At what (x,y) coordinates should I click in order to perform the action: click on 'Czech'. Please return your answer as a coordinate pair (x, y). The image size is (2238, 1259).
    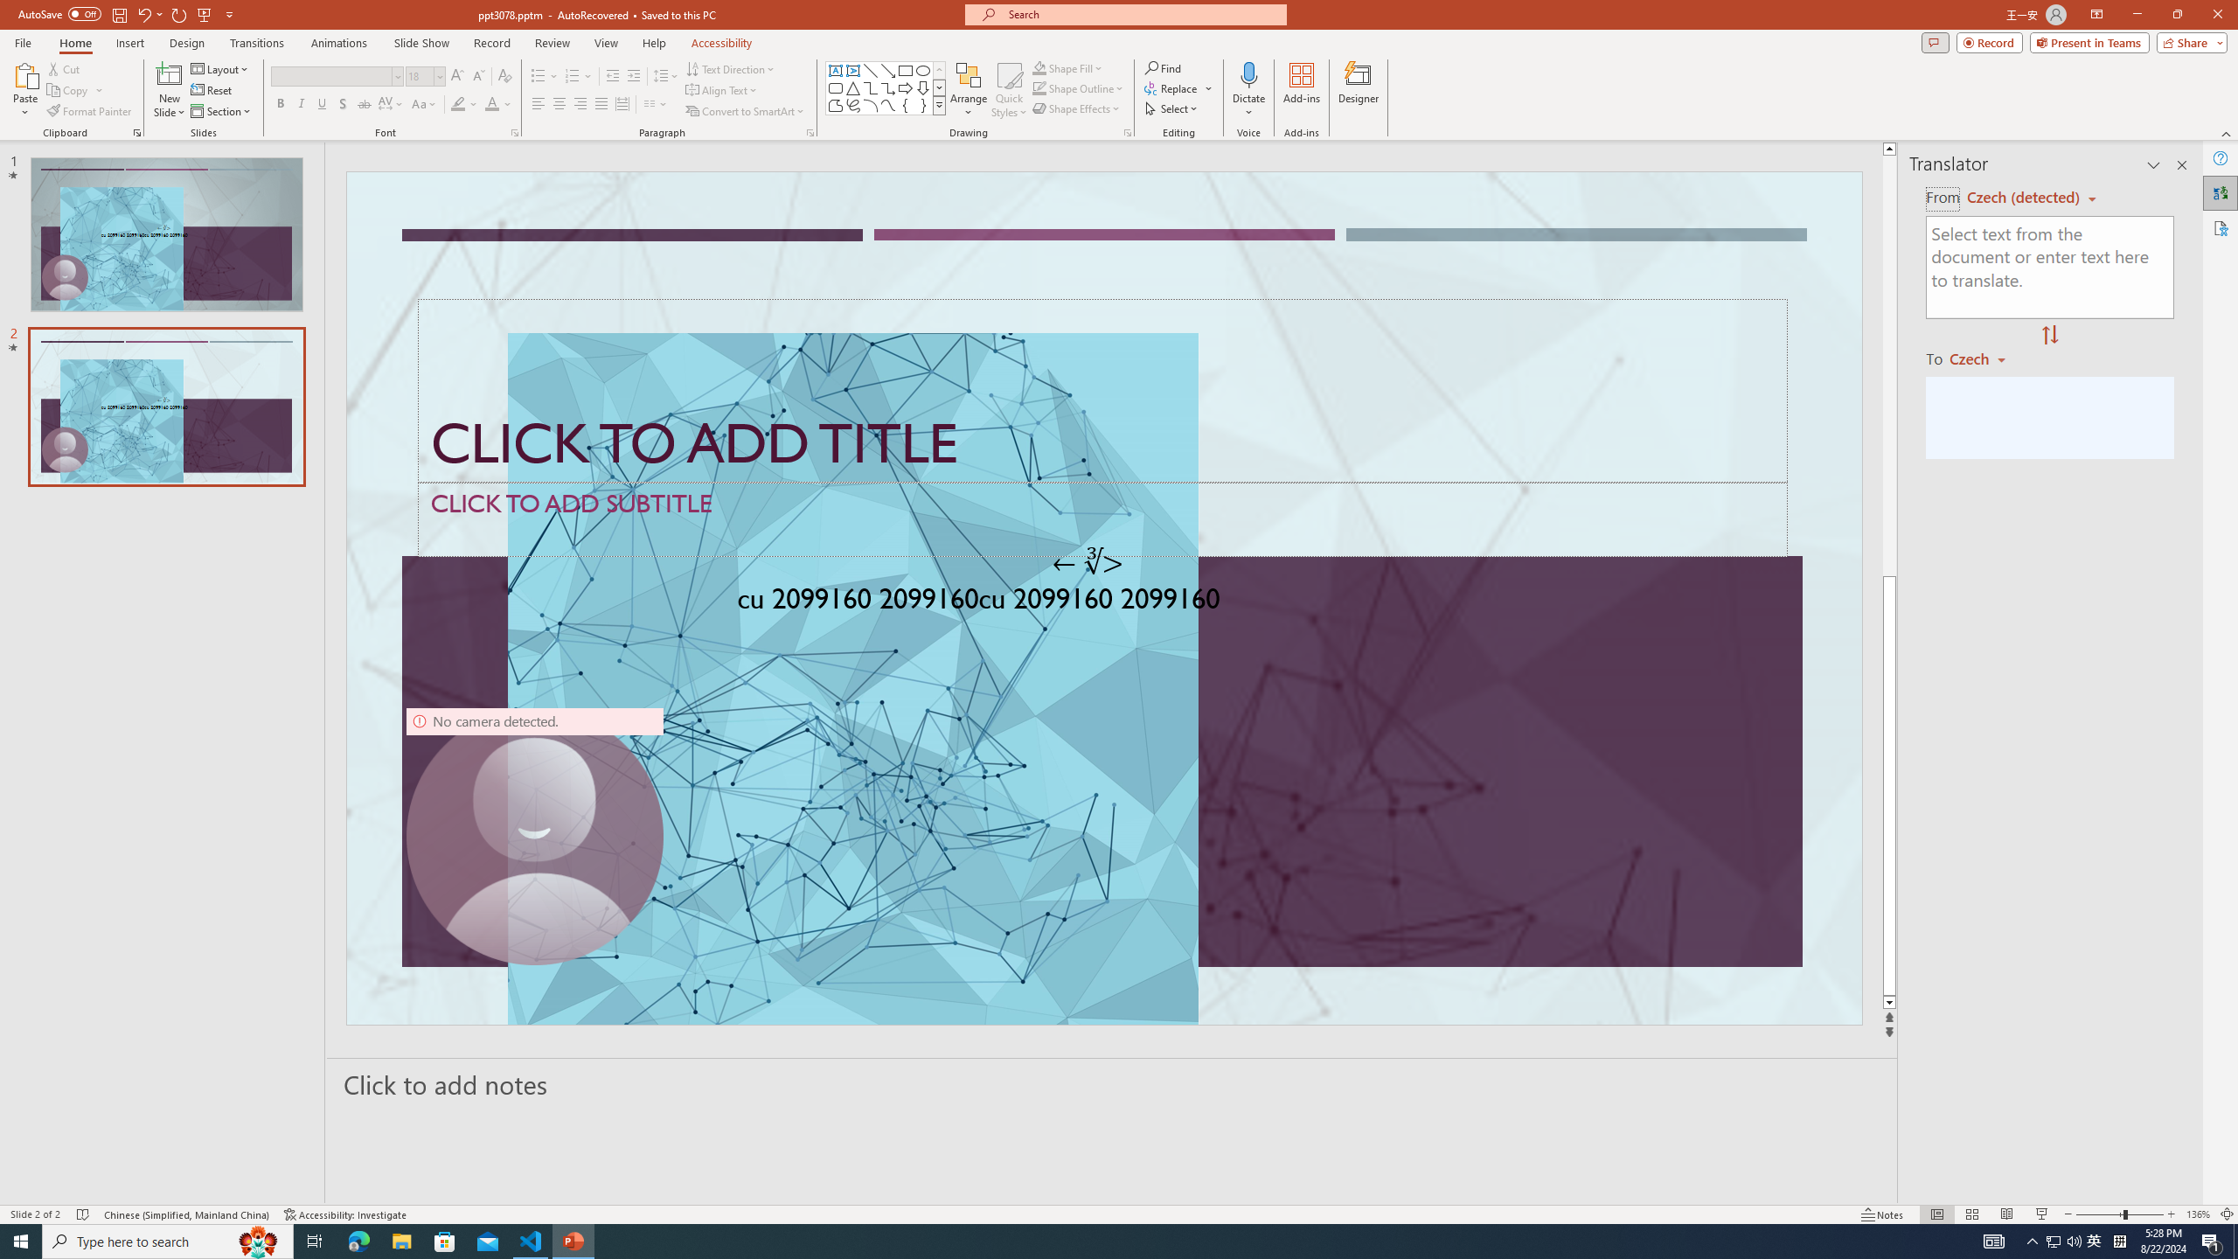
    Looking at the image, I should click on (1984, 358).